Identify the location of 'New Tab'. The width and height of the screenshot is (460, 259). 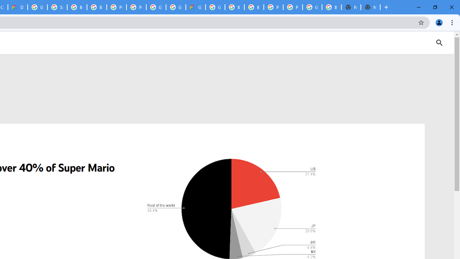
(371, 7).